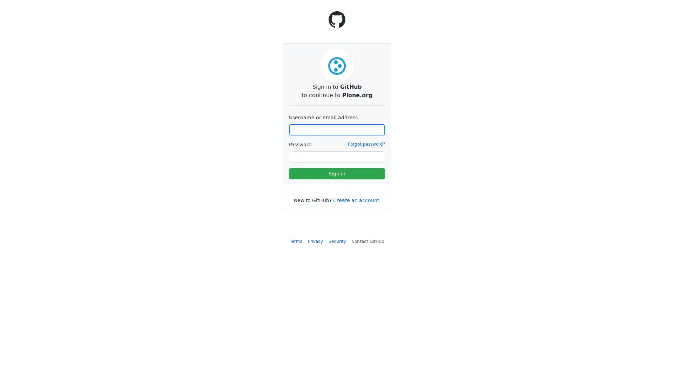  Describe the element at coordinates (337, 173) in the screenshot. I see `Sign in` at that location.